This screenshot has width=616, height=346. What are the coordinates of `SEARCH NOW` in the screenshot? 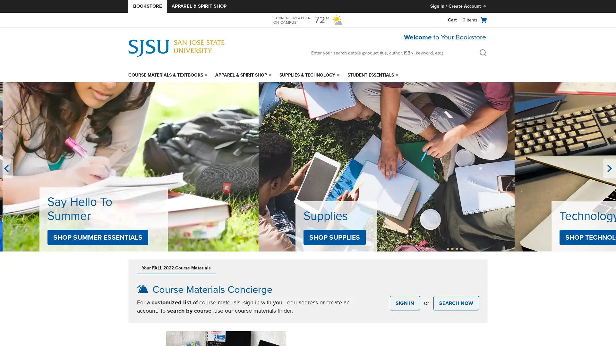 It's located at (456, 303).